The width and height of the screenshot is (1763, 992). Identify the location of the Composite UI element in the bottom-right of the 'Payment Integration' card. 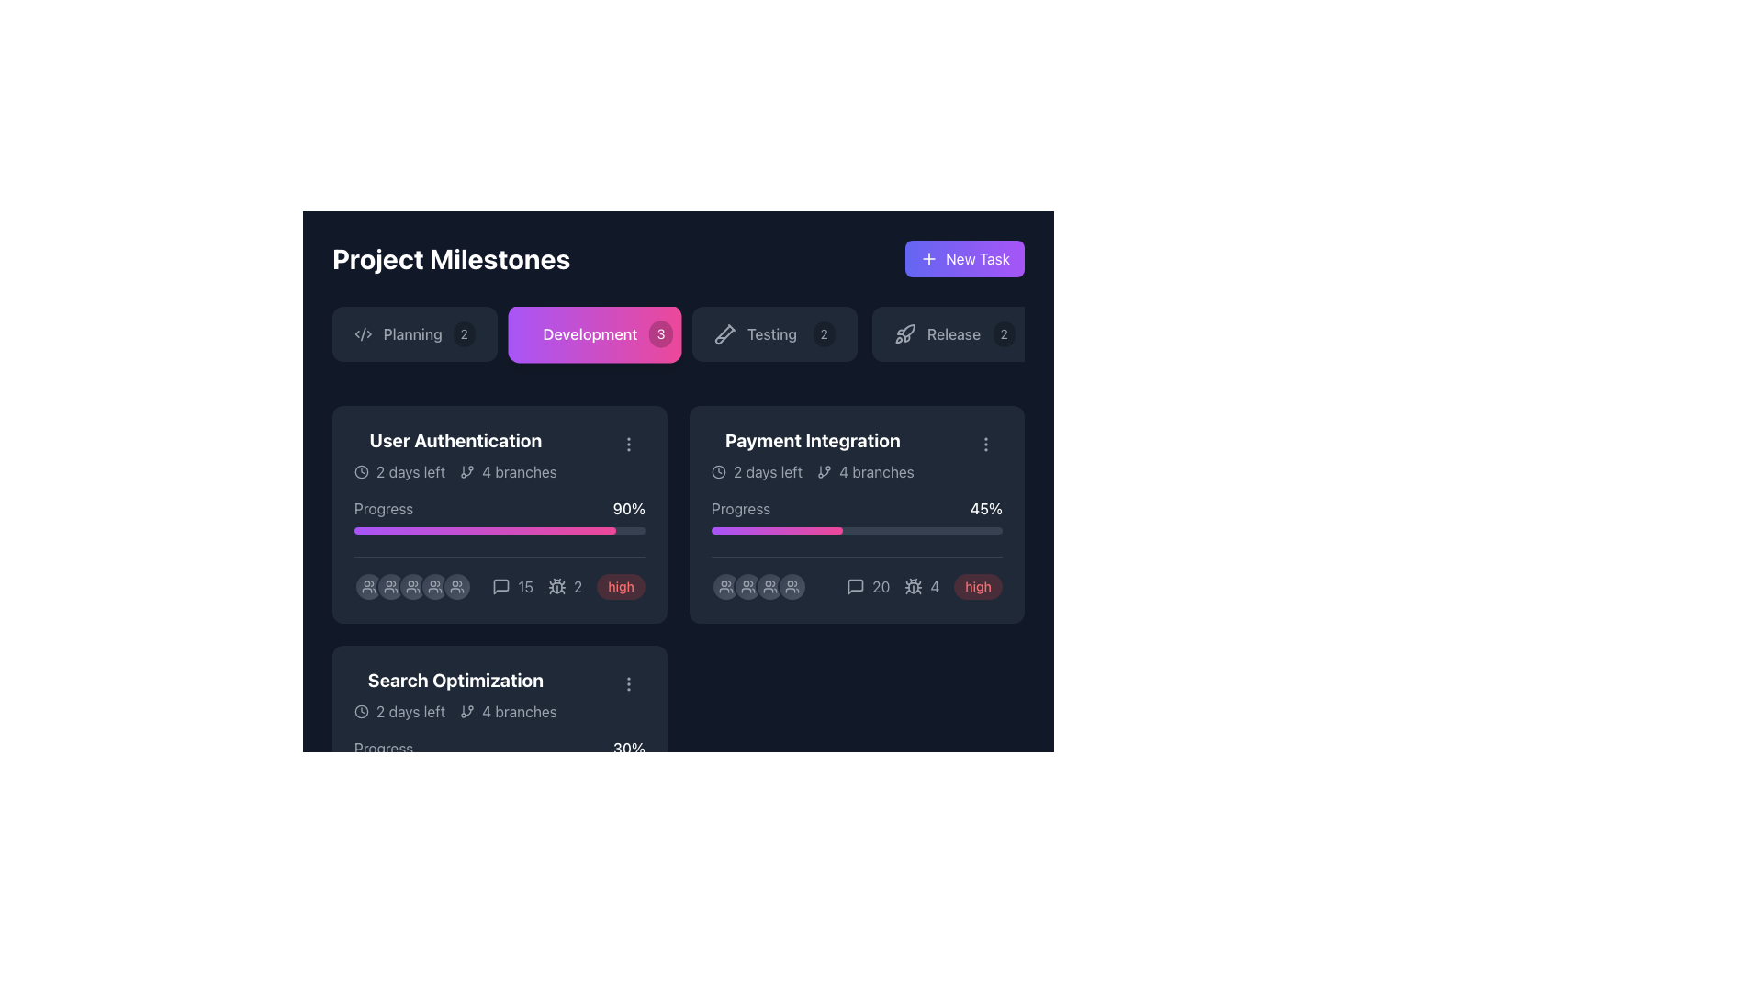
(925, 587).